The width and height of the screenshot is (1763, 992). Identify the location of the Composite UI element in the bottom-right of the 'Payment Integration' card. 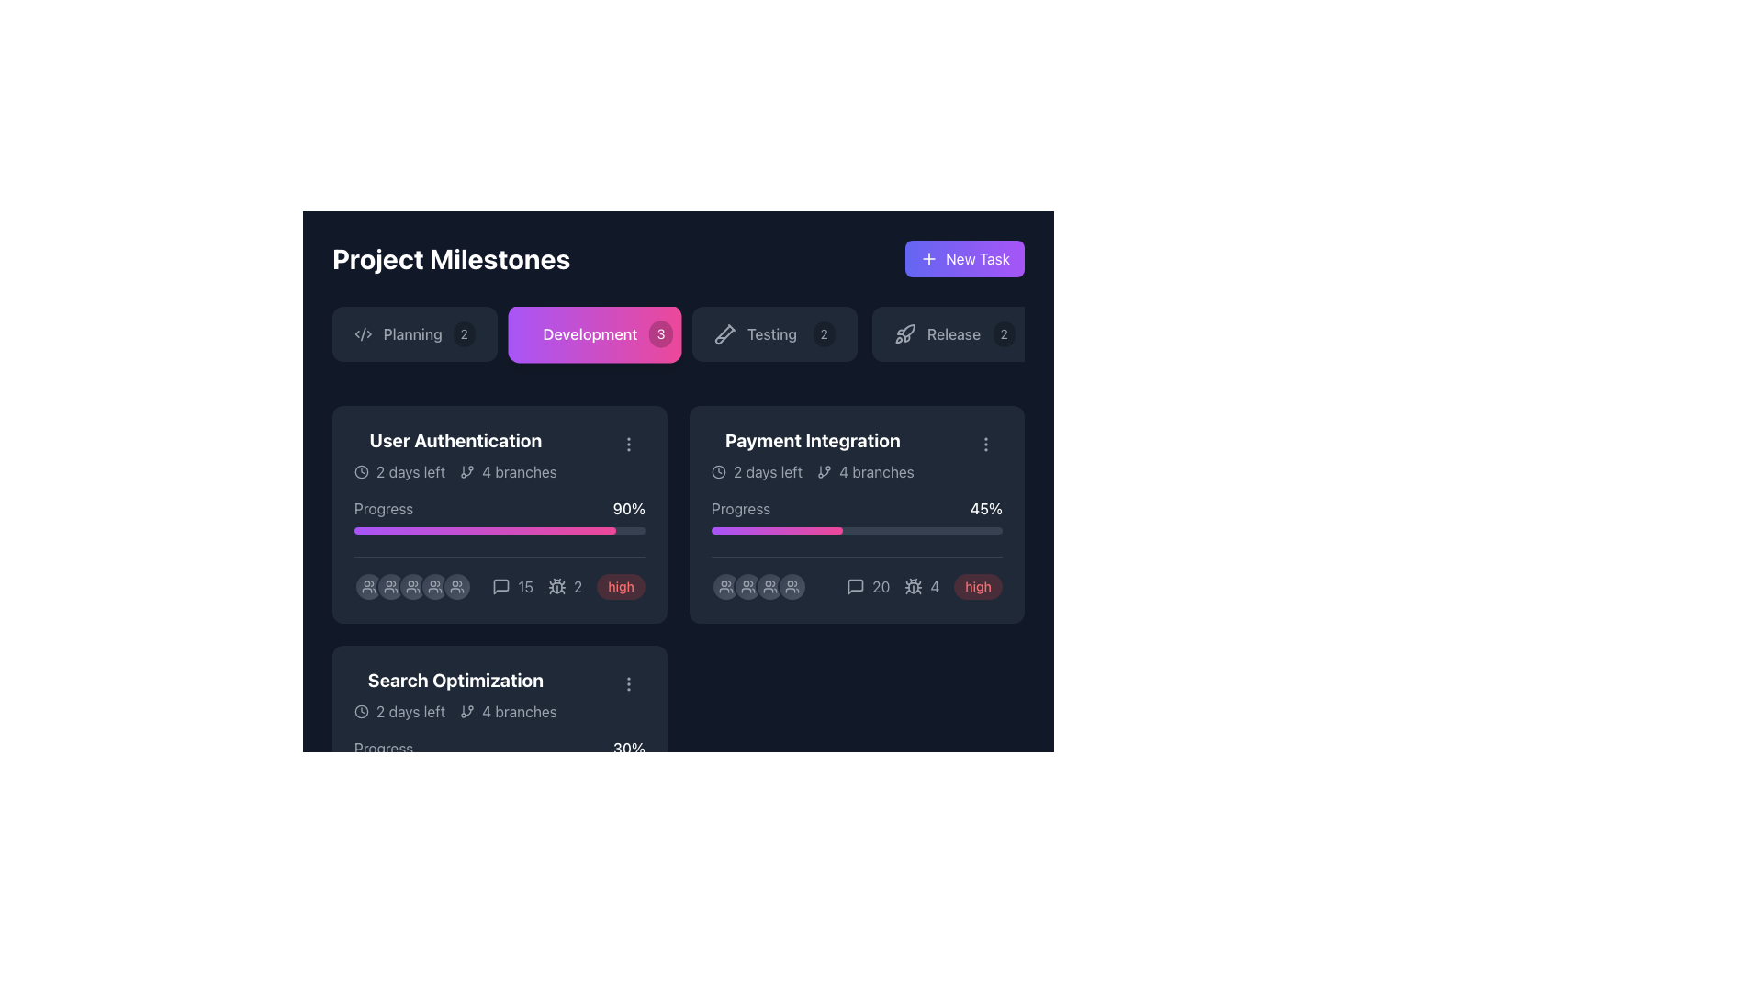
(925, 587).